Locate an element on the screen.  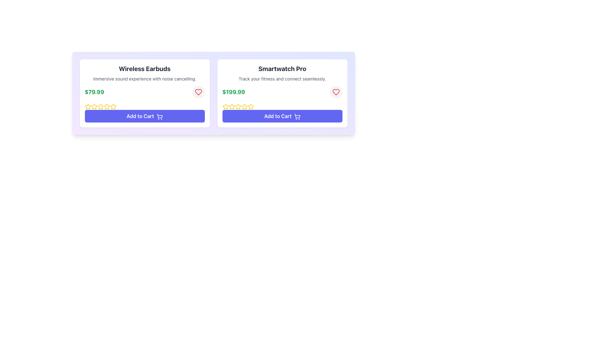
the circular gray button with a heart icon to mark the item priced at $79.99 as a favorite is located at coordinates (198, 92).